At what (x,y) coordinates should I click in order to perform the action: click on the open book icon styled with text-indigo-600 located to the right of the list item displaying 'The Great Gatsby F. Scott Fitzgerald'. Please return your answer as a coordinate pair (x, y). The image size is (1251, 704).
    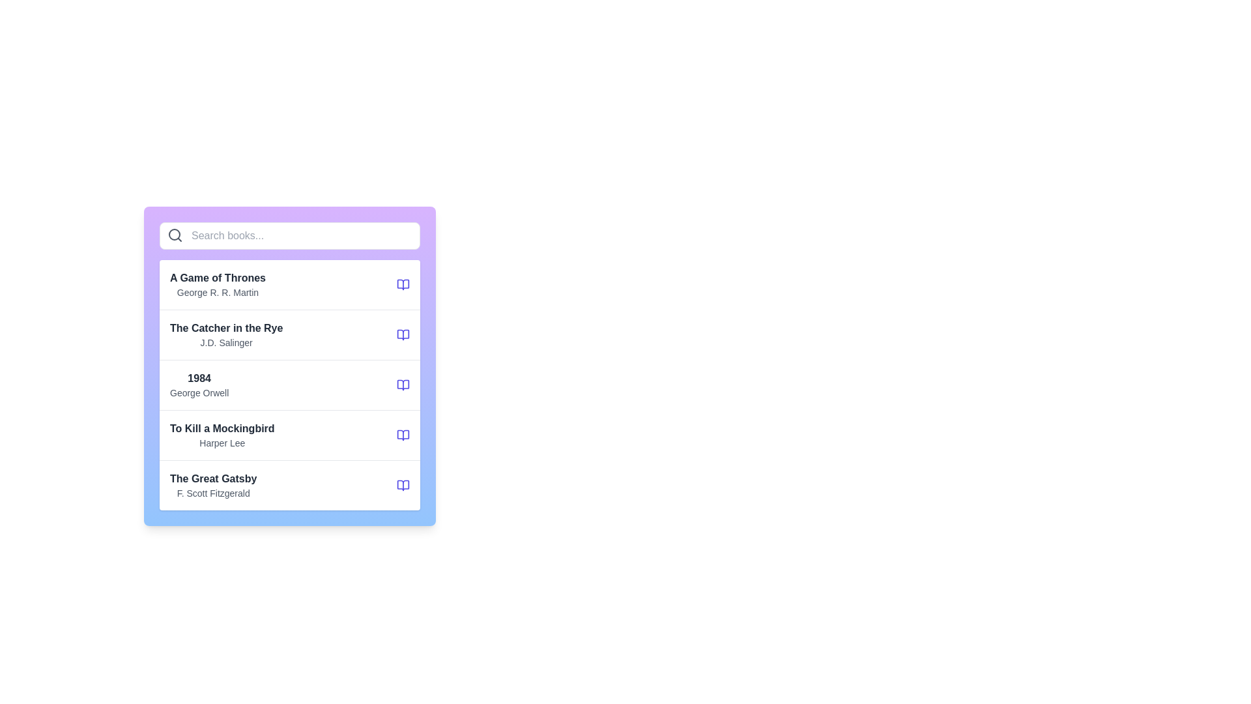
    Looking at the image, I should click on (403, 485).